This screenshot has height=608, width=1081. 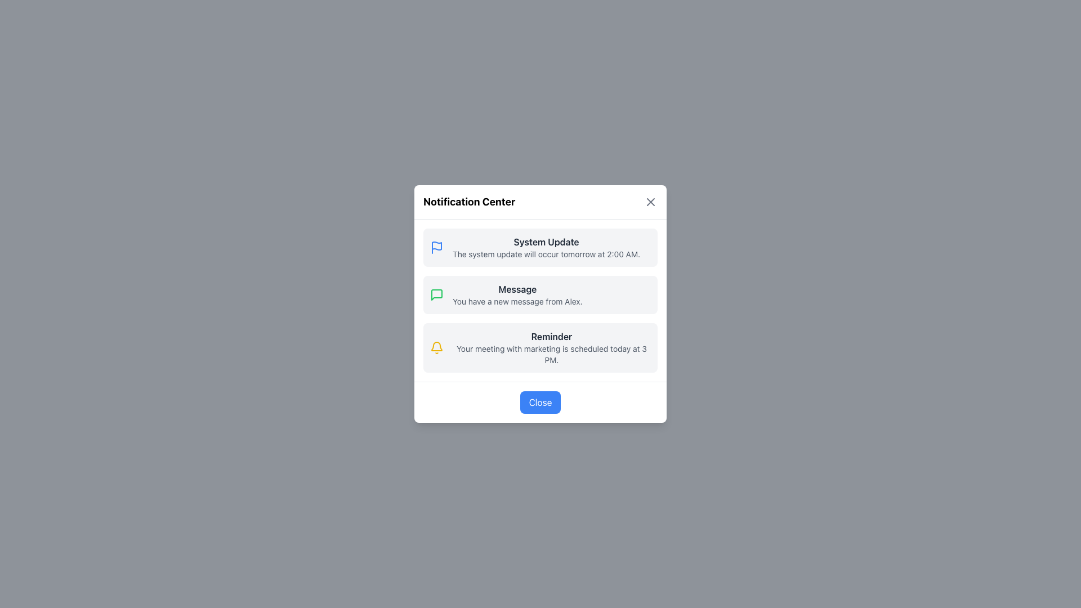 What do you see at coordinates (517, 294) in the screenshot?
I see `text displayed in the two-line text display element, which shows 'Message' in bold dark gray and 'You have a new message from Alex.' in smaller light gray` at bounding box center [517, 294].